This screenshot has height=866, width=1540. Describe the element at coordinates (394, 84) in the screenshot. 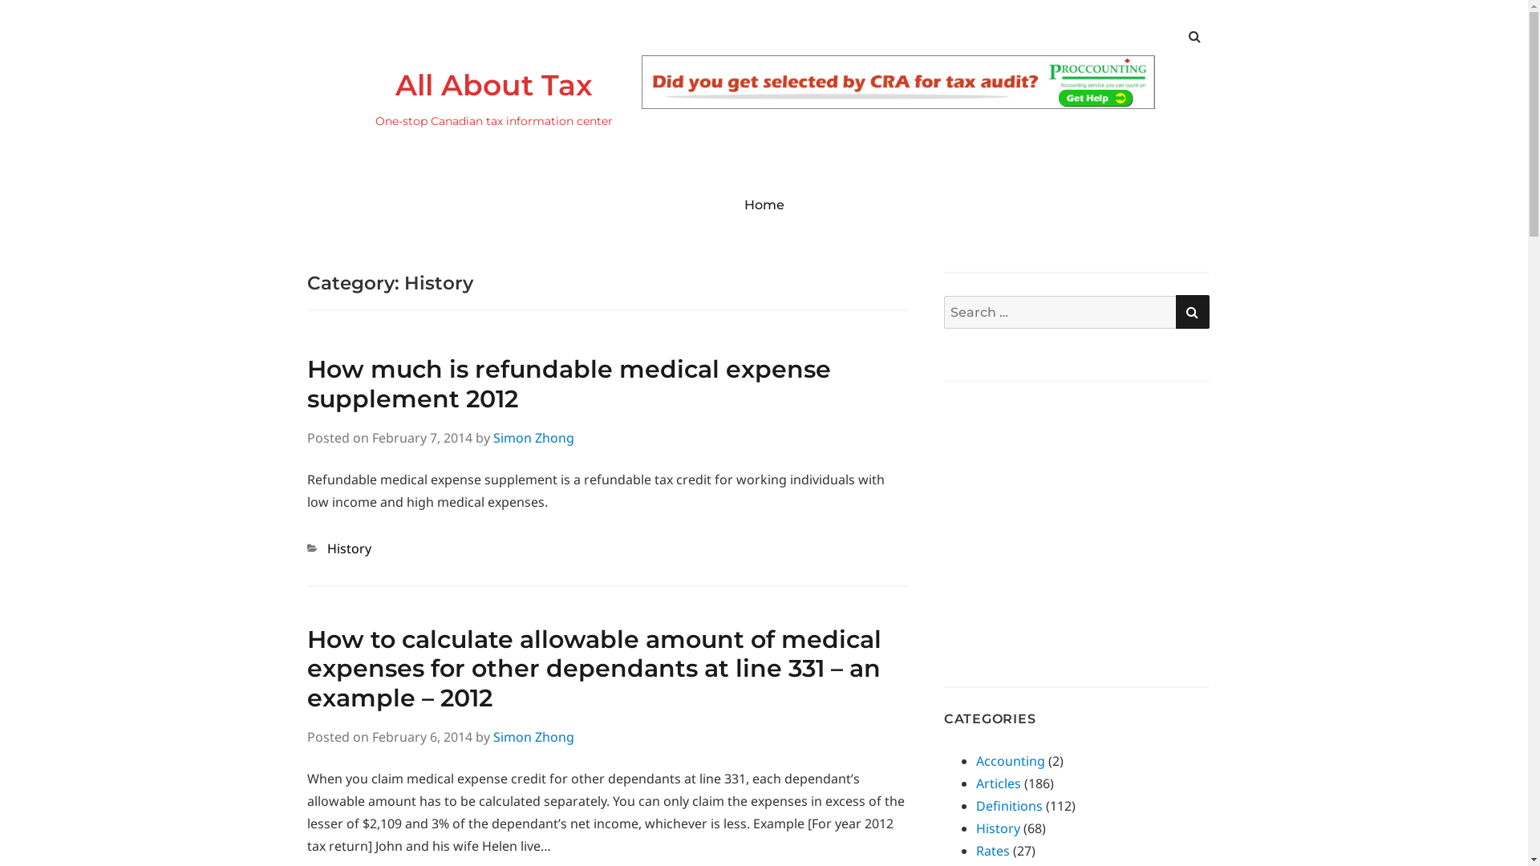

I see `'All About Tax'` at that location.